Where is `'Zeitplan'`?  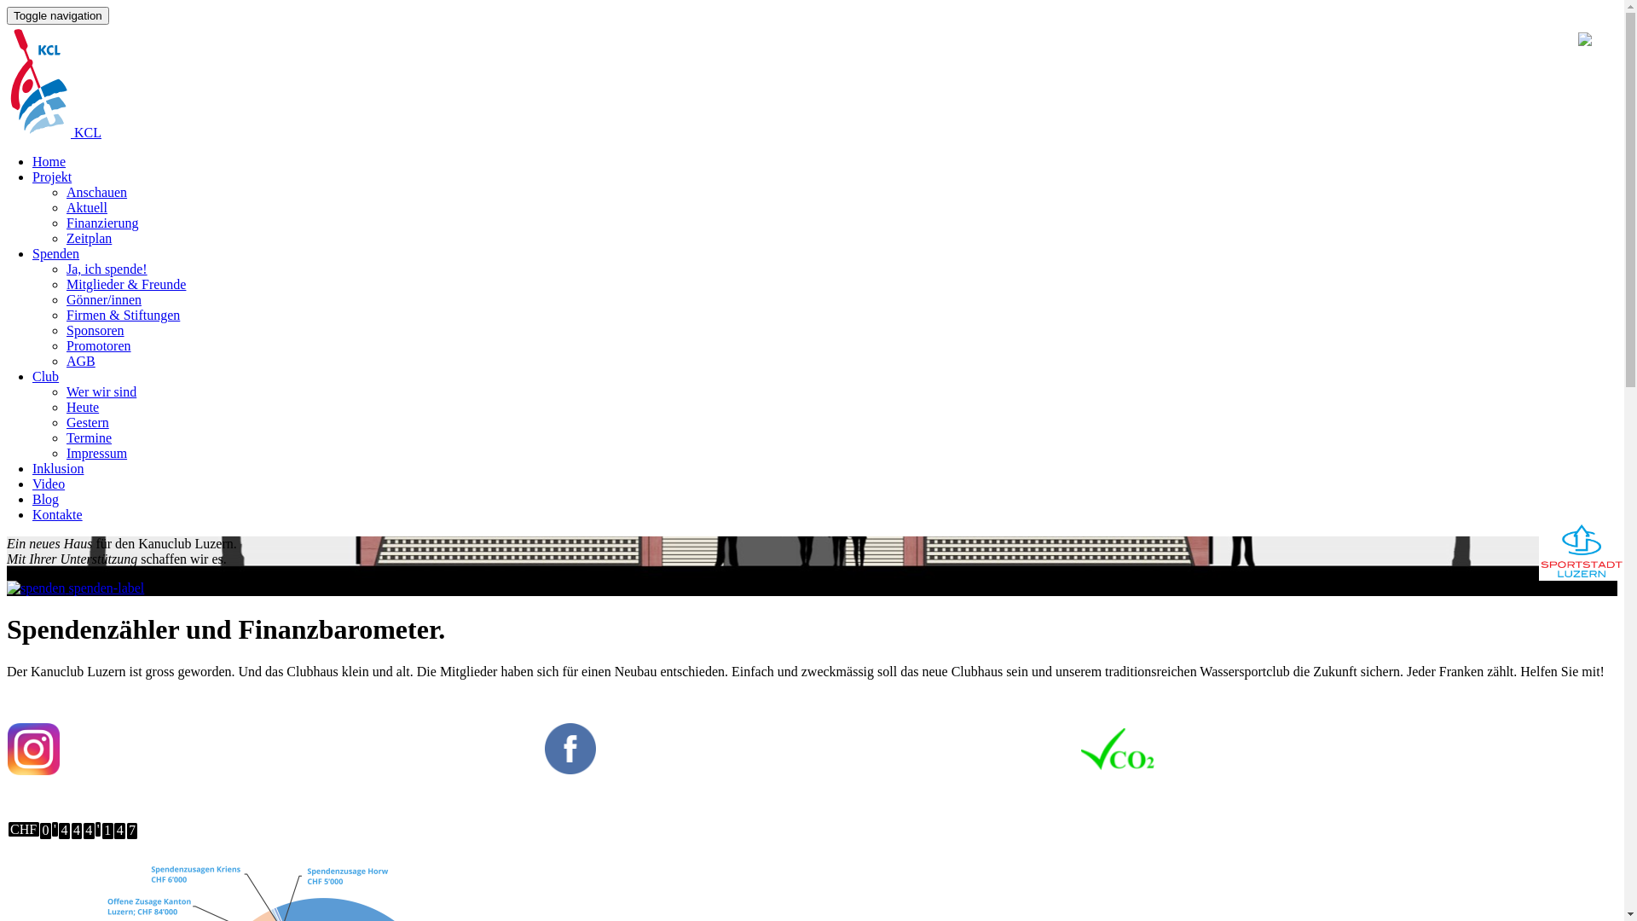 'Zeitplan' is located at coordinates (88, 238).